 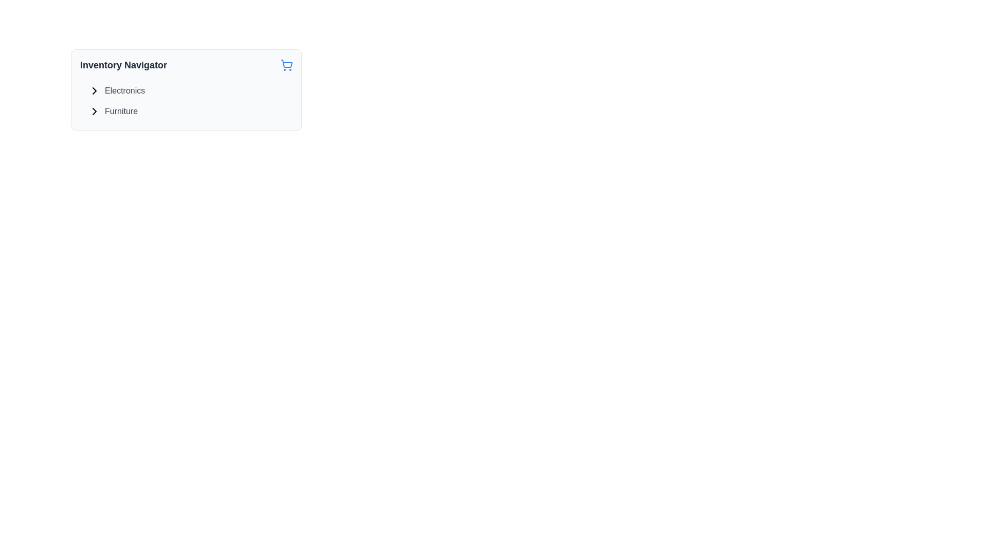 What do you see at coordinates (117, 90) in the screenshot?
I see `the 'Electronics' expandable navigation list item for keyboard navigation` at bounding box center [117, 90].